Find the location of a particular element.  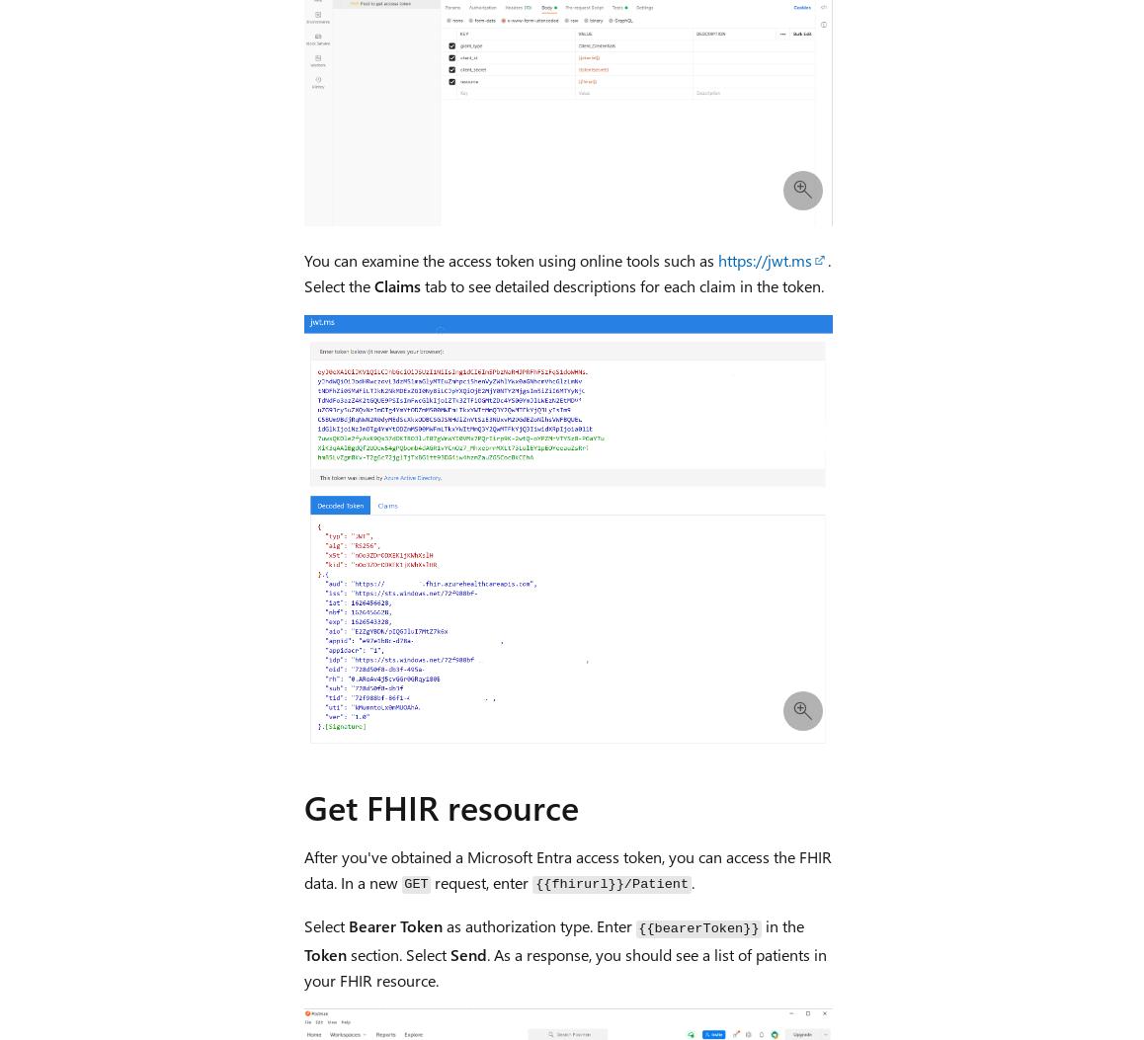

'request, enter' is located at coordinates (480, 881).